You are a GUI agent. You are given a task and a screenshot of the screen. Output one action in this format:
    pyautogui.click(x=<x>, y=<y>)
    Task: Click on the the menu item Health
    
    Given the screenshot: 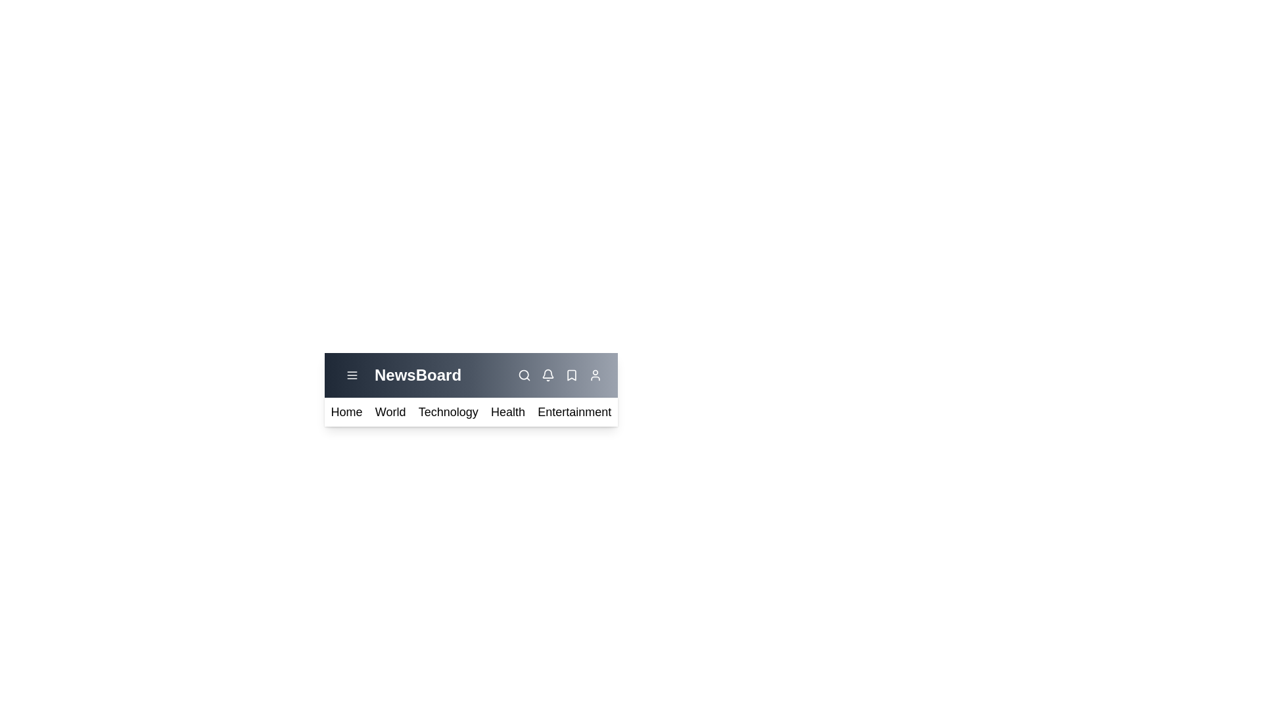 What is the action you would take?
    pyautogui.click(x=507, y=412)
    